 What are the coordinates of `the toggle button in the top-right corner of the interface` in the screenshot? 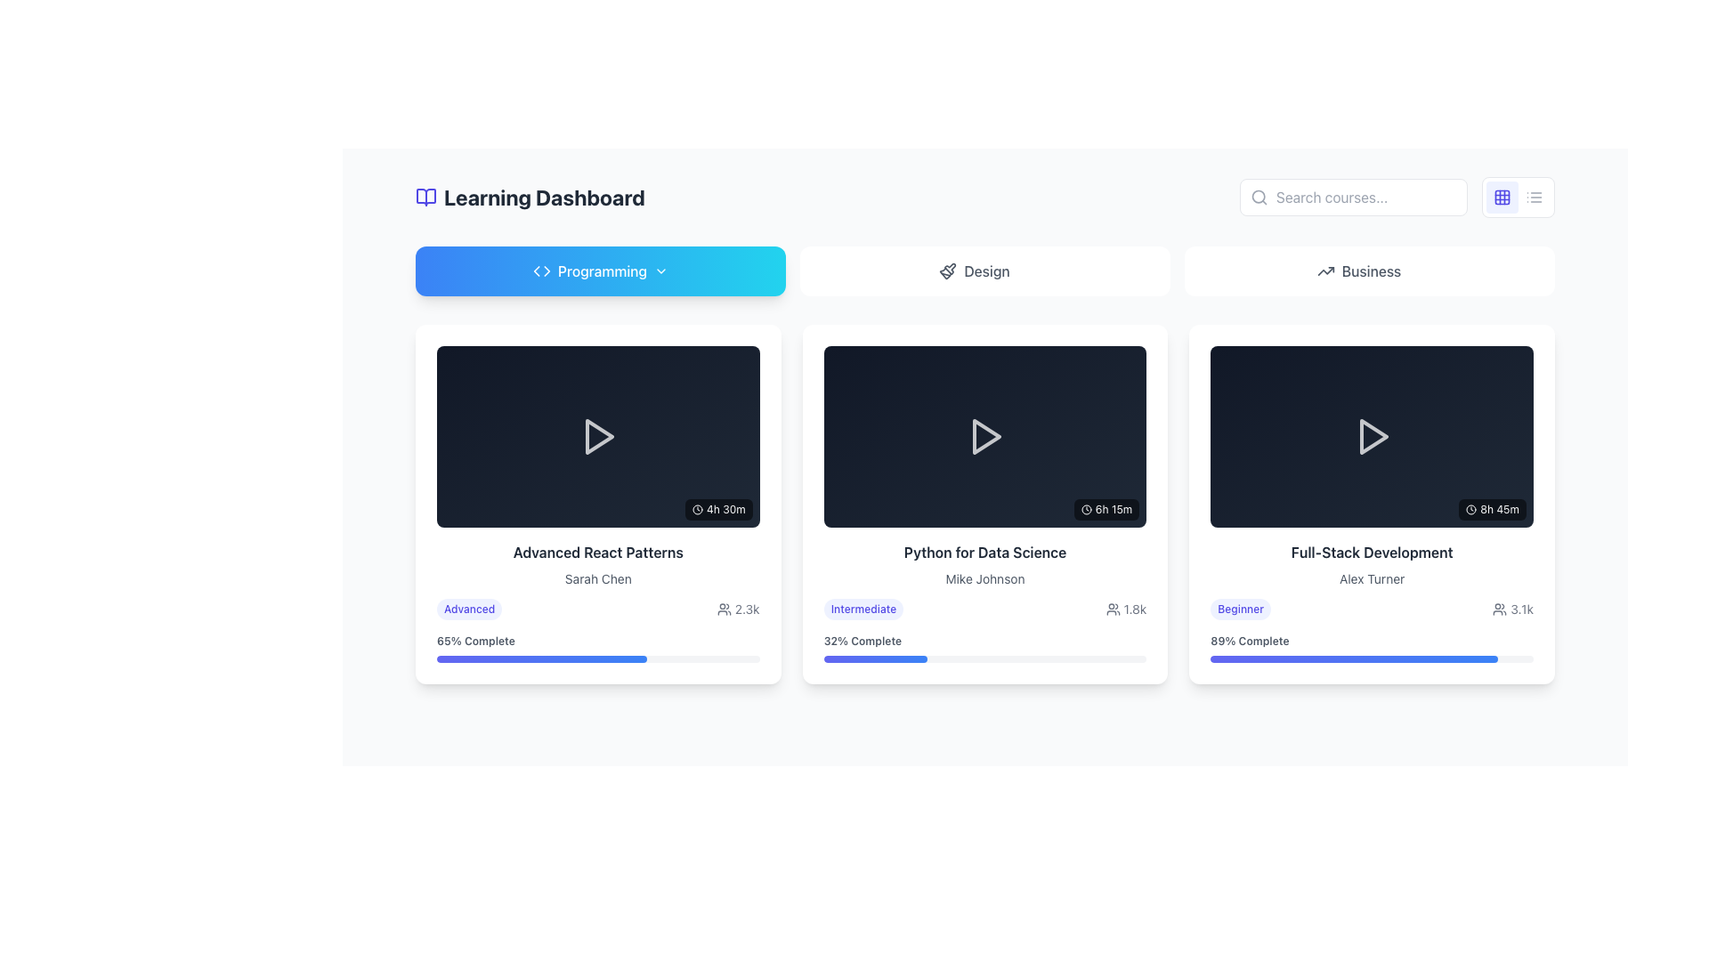 It's located at (1517, 198).